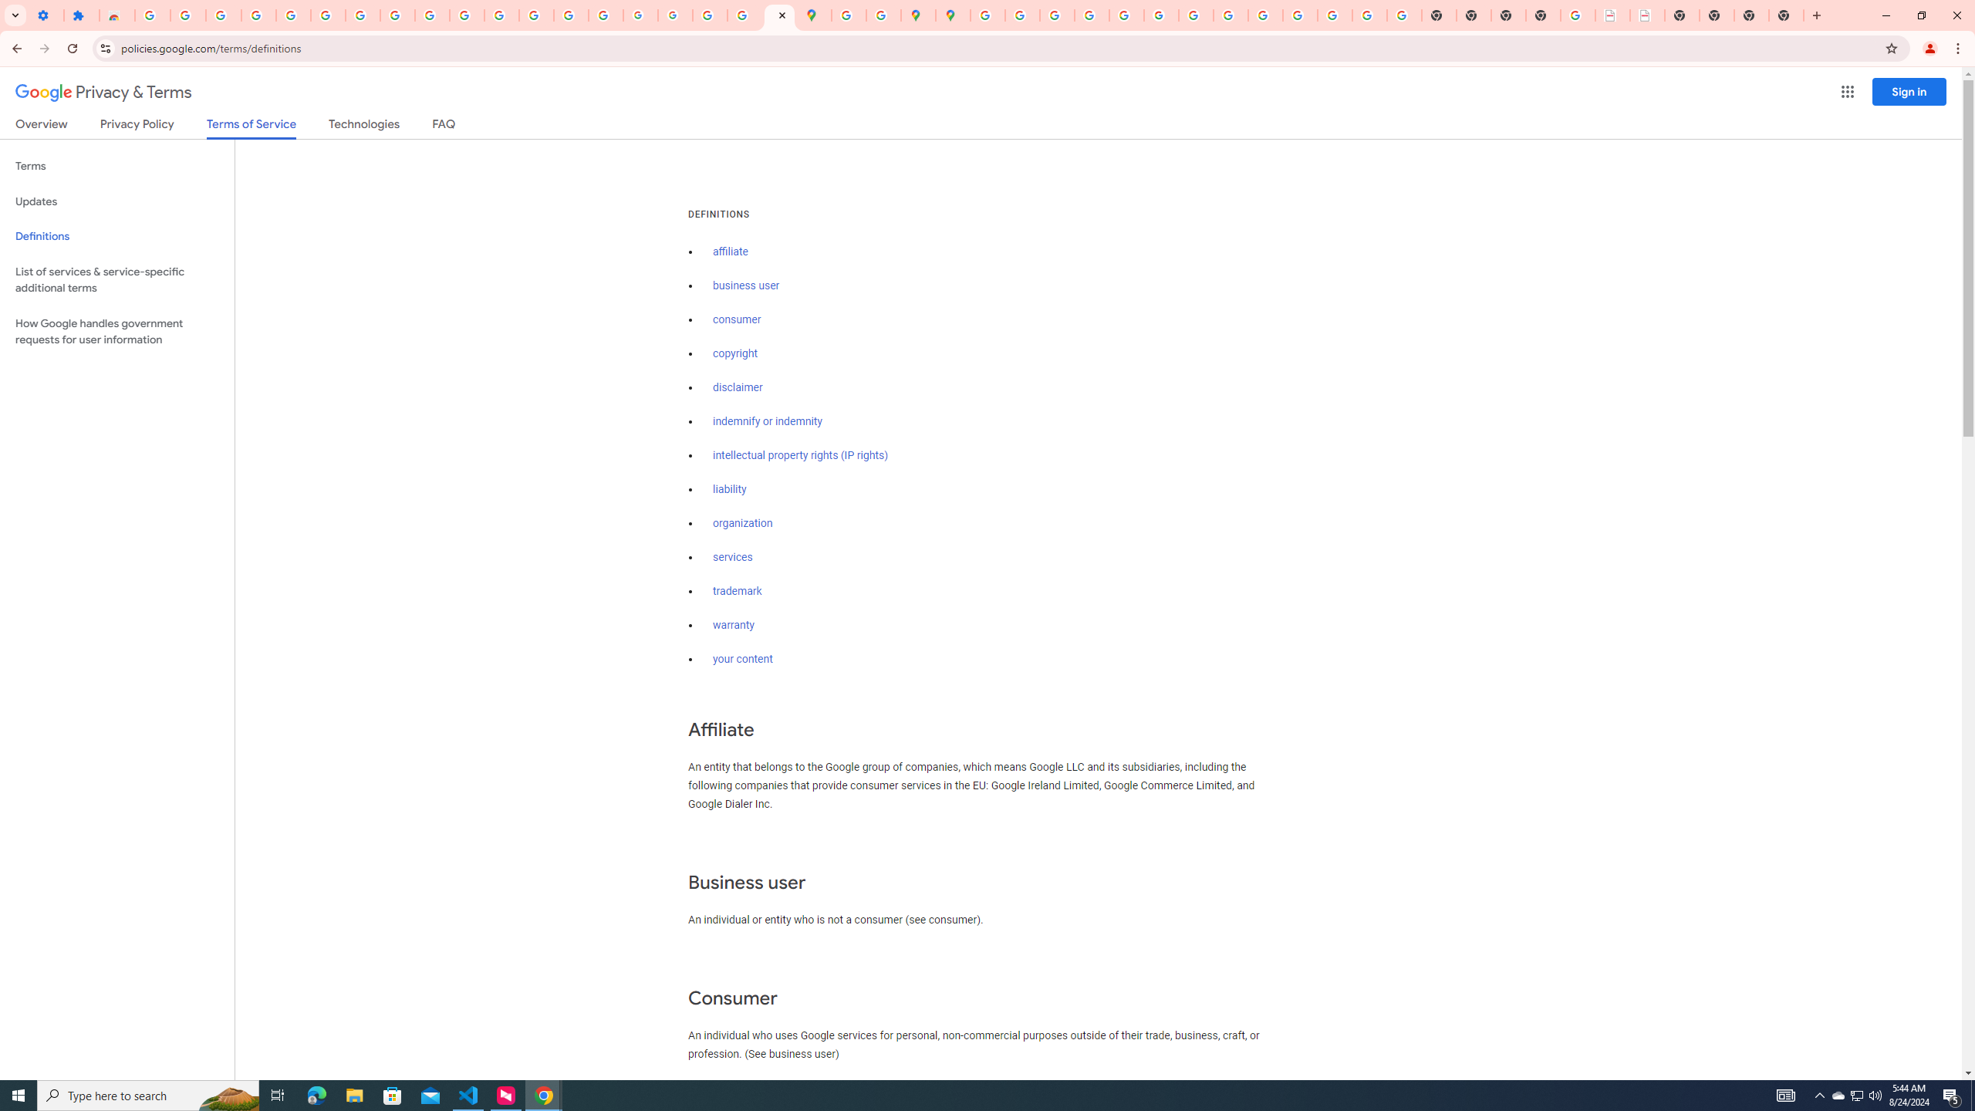  Describe the element at coordinates (223, 15) in the screenshot. I see `'Delete photos & videos - Computer - Google Photos Help'` at that location.